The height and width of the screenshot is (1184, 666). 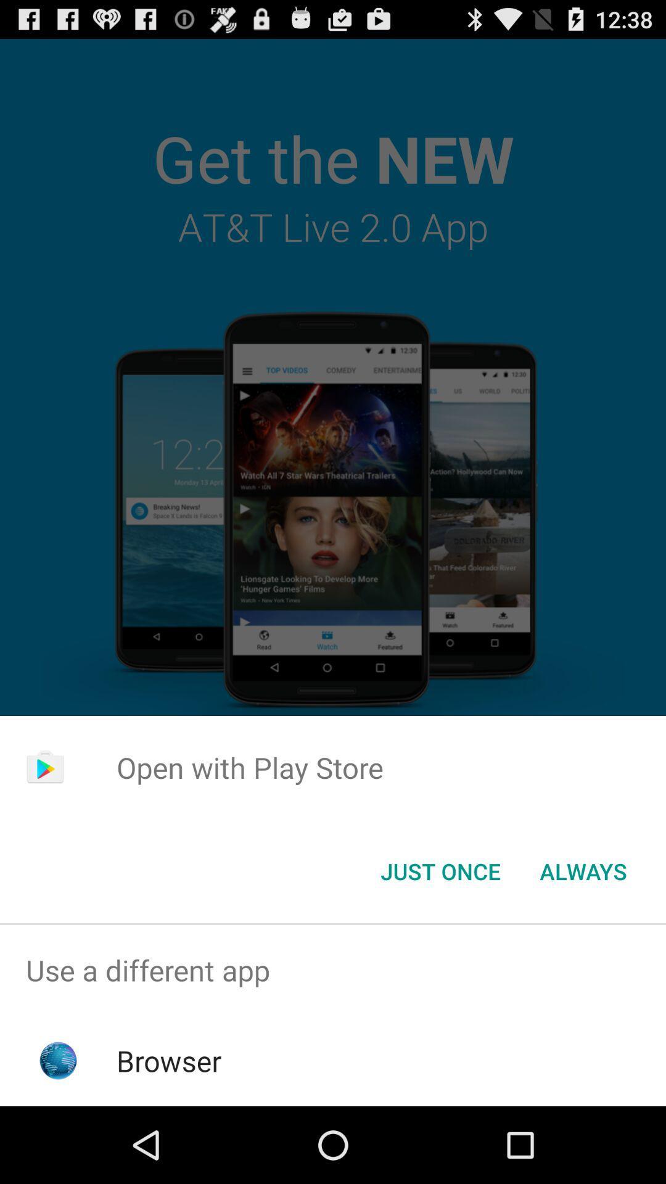 I want to click on the item next to always item, so click(x=440, y=870).